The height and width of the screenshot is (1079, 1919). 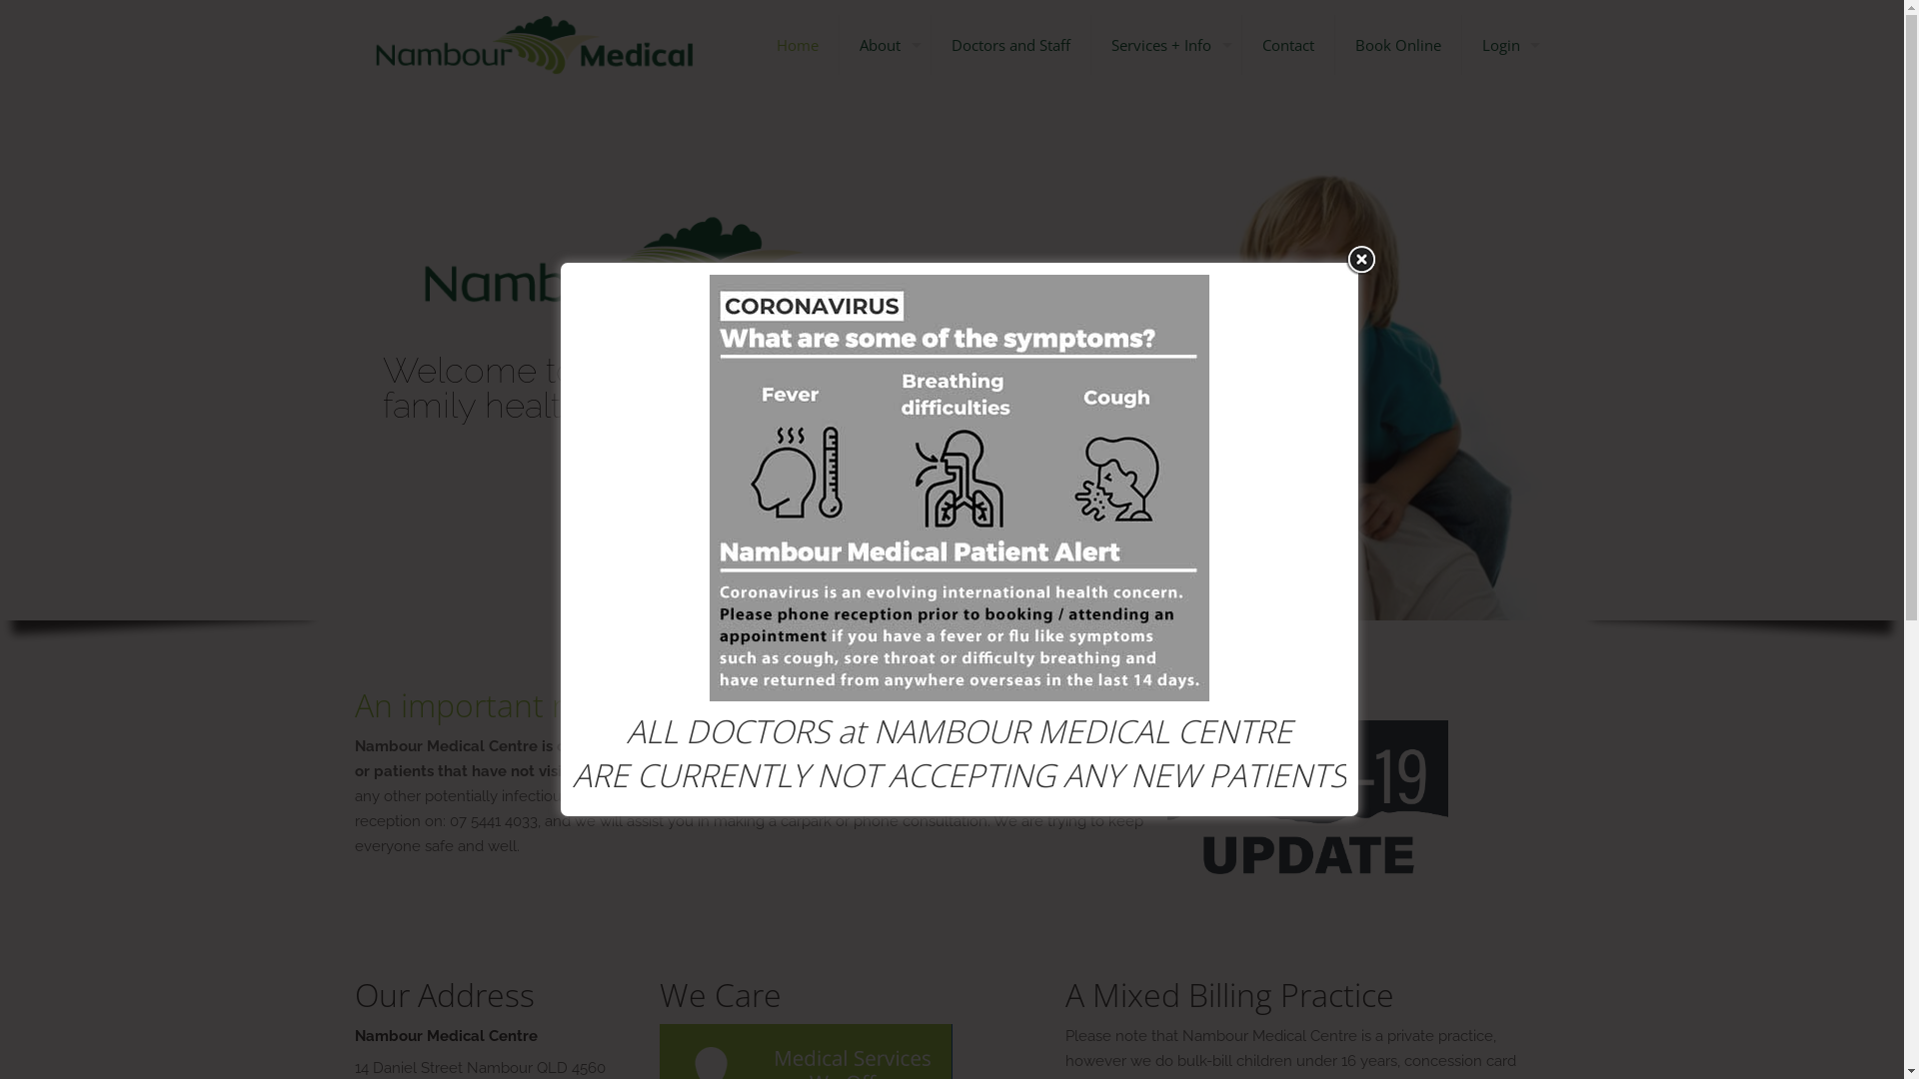 I want to click on 'OKMEDIA', so click(x=1173, y=1025).